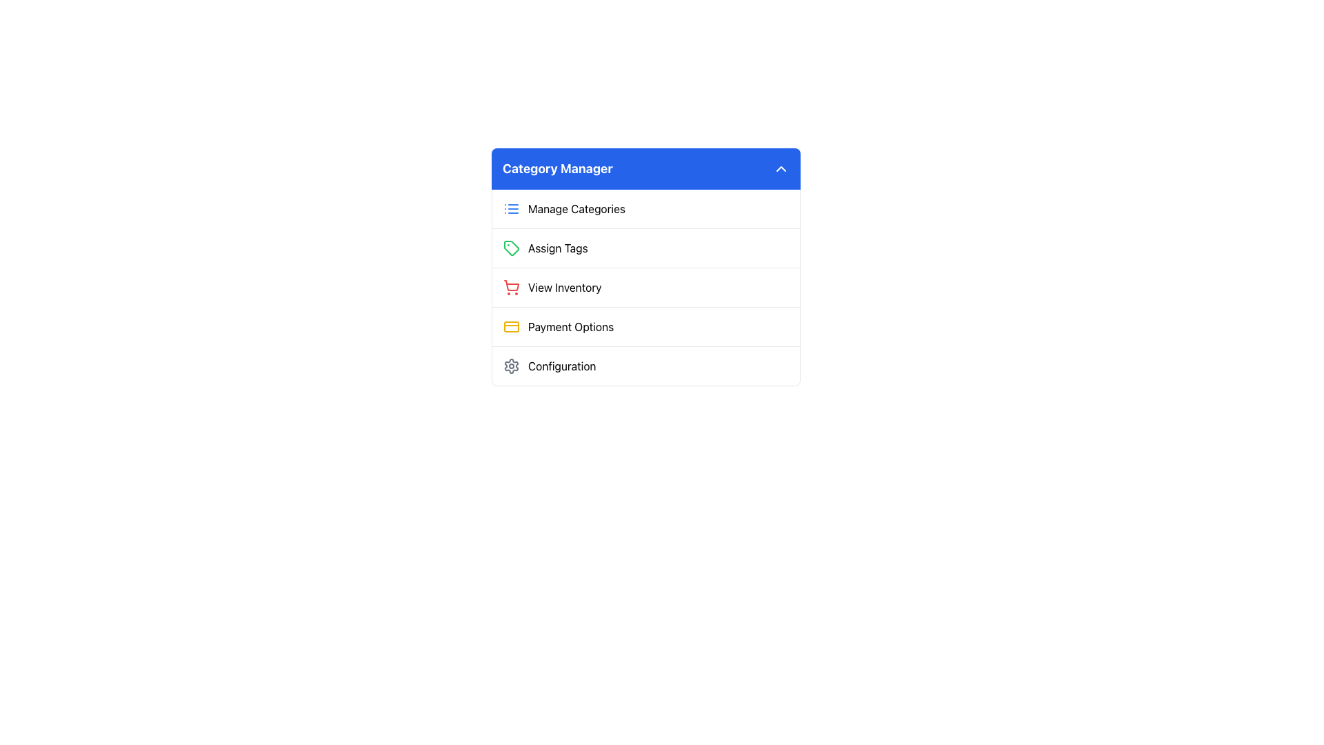  What do you see at coordinates (557, 168) in the screenshot?
I see `the text label that serves as a title or heading indicating the purpose of managing categories, located near the top-center of the interface in a rounded header bar with a blue background` at bounding box center [557, 168].